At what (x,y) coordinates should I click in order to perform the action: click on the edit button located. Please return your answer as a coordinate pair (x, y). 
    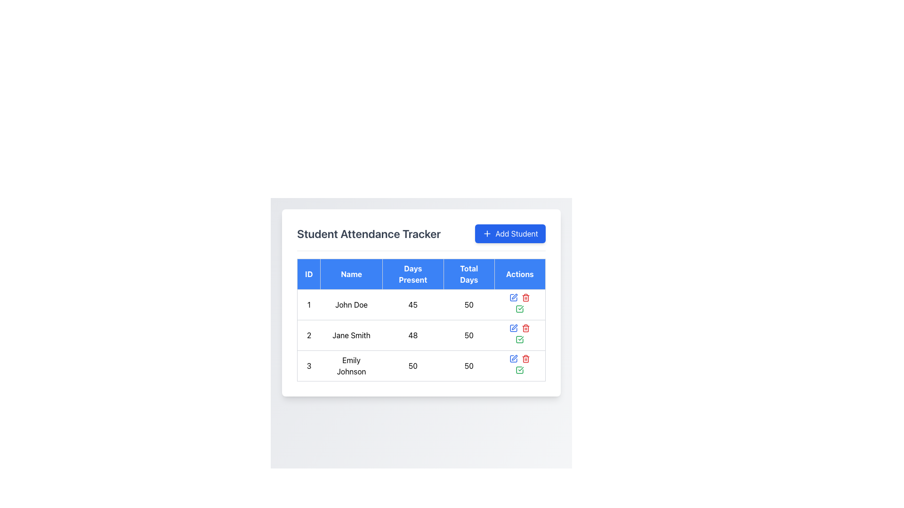
    Looking at the image, I should click on (513, 359).